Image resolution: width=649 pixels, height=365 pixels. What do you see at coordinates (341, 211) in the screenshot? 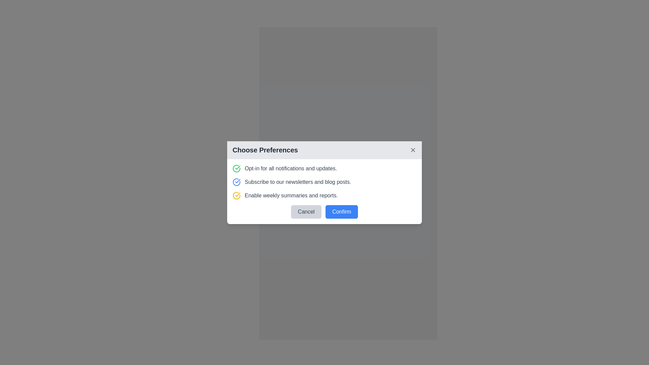
I see `the Confirm button located in the bottom section of the modal dialog, which is positioned to the right of the Cancel button` at bounding box center [341, 211].